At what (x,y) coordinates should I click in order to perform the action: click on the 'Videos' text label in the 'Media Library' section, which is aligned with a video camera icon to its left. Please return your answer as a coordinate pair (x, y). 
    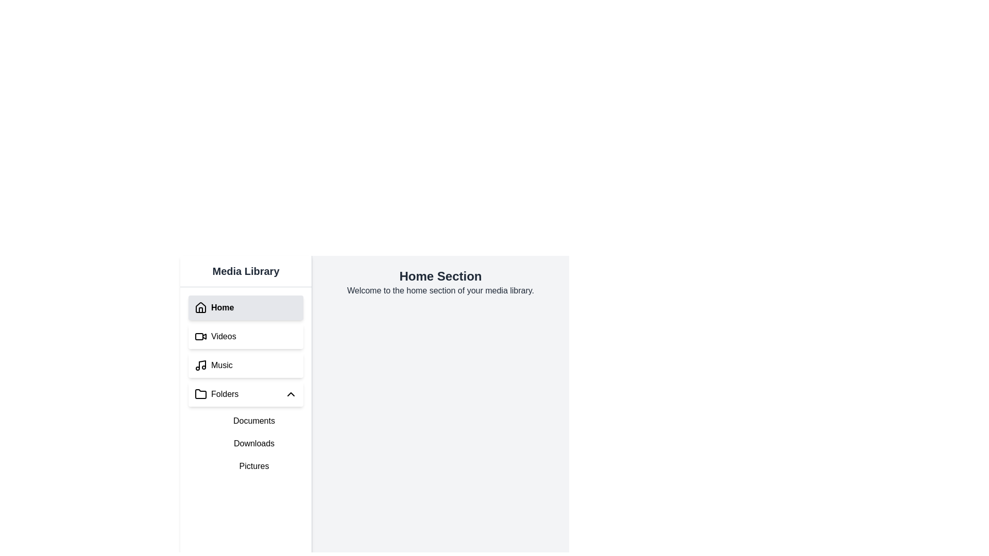
    Looking at the image, I should click on (223, 337).